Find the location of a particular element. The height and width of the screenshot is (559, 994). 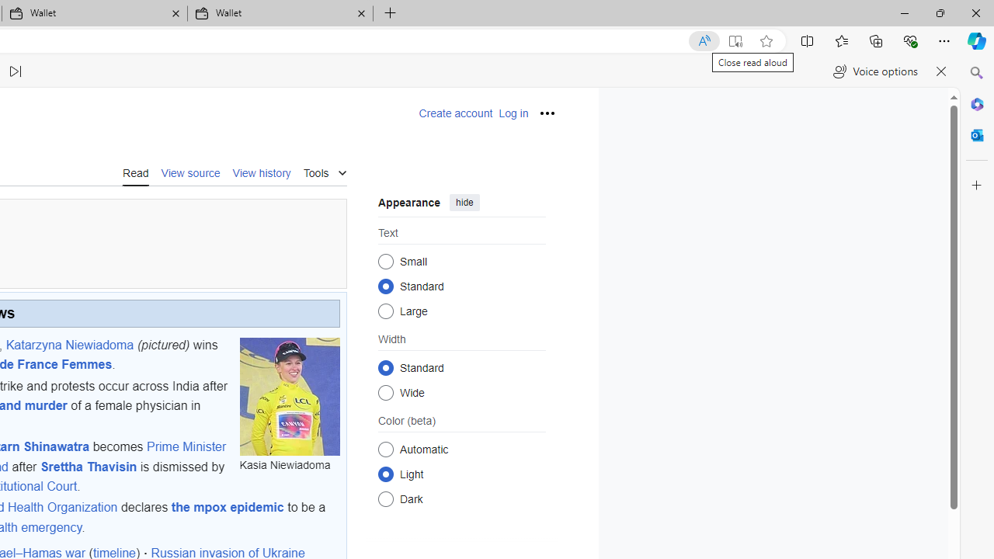

'Kasia Niewiadoma' is located at coordinates (290, 395).